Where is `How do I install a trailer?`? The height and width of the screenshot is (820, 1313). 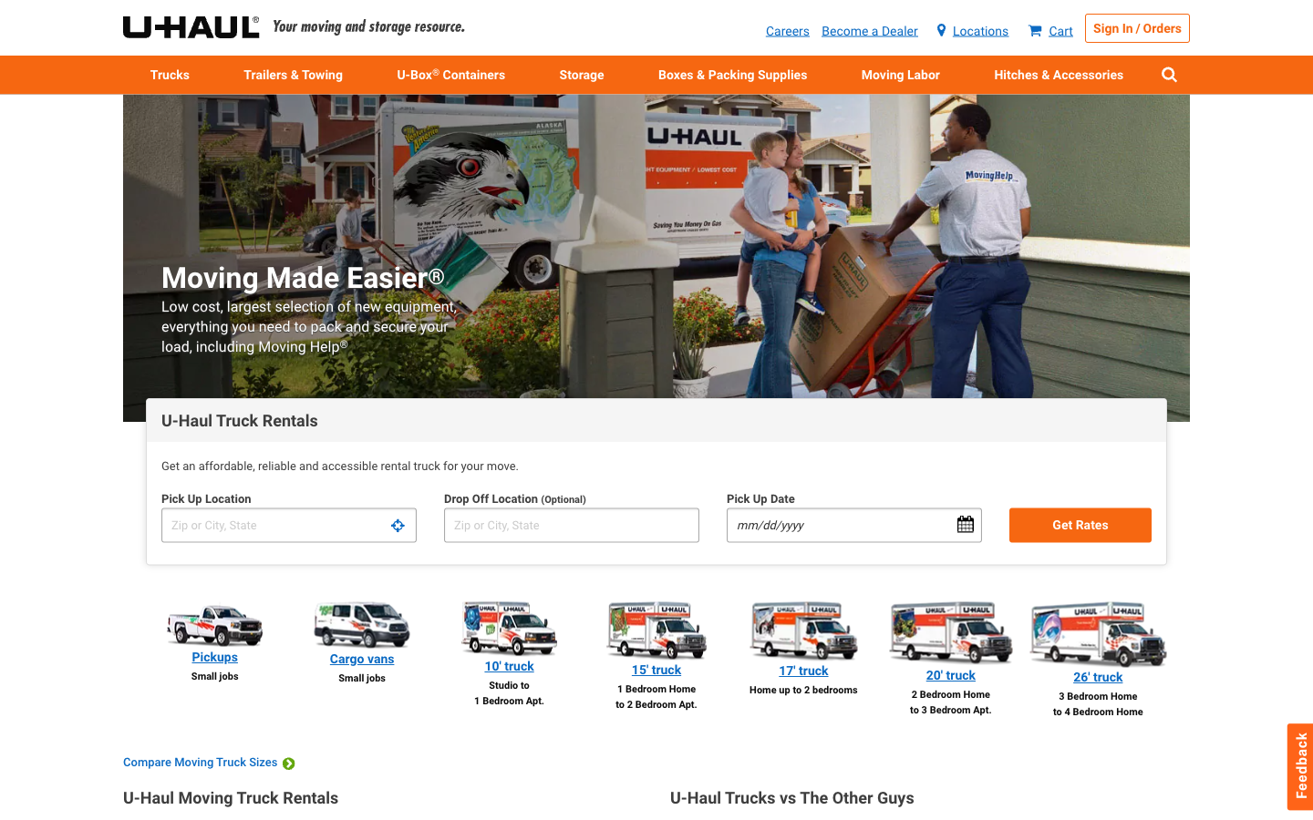 How do I install a trailer? is located at coordinates (1059, 73).